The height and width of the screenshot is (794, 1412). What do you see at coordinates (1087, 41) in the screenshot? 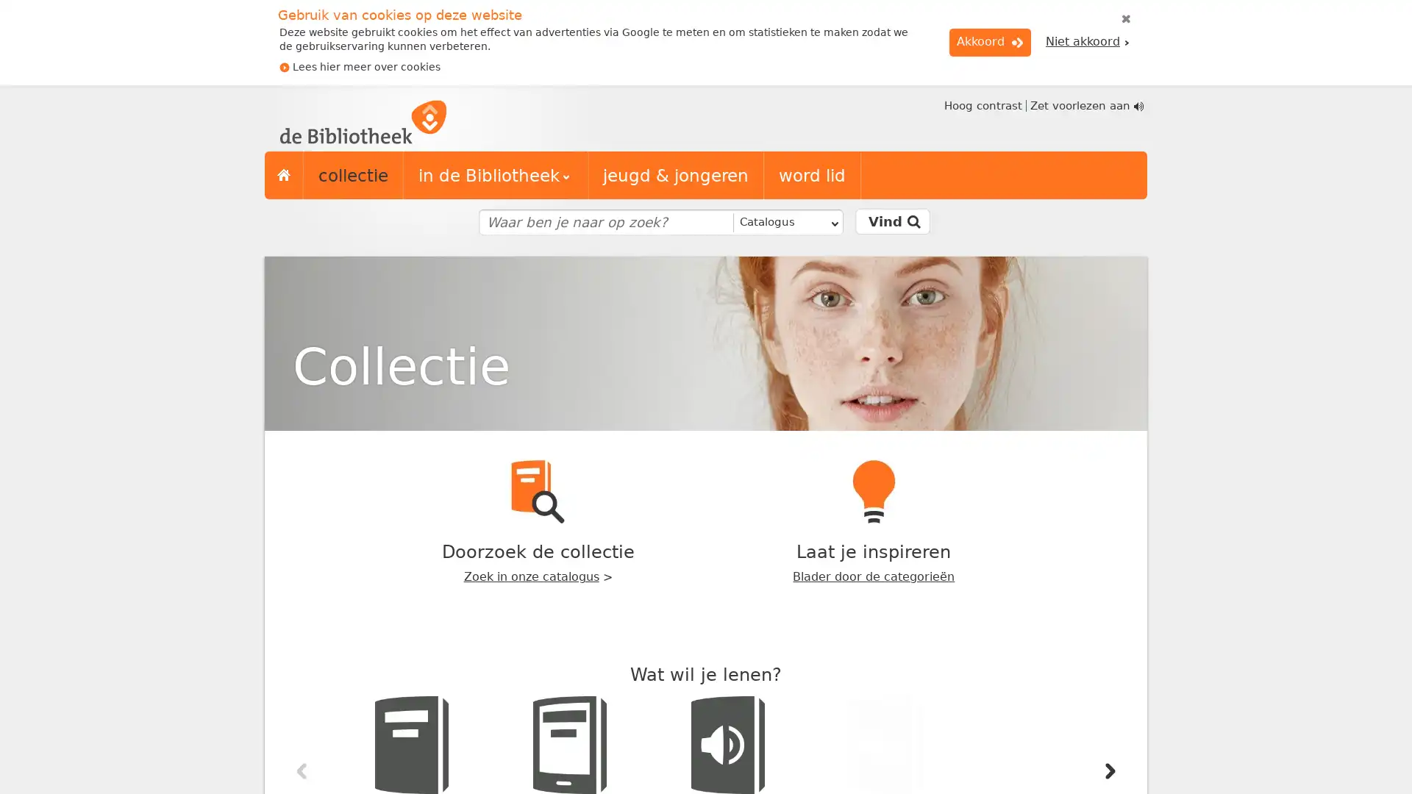
I see `Niet akkoord` at bounding box center [1087, 41].